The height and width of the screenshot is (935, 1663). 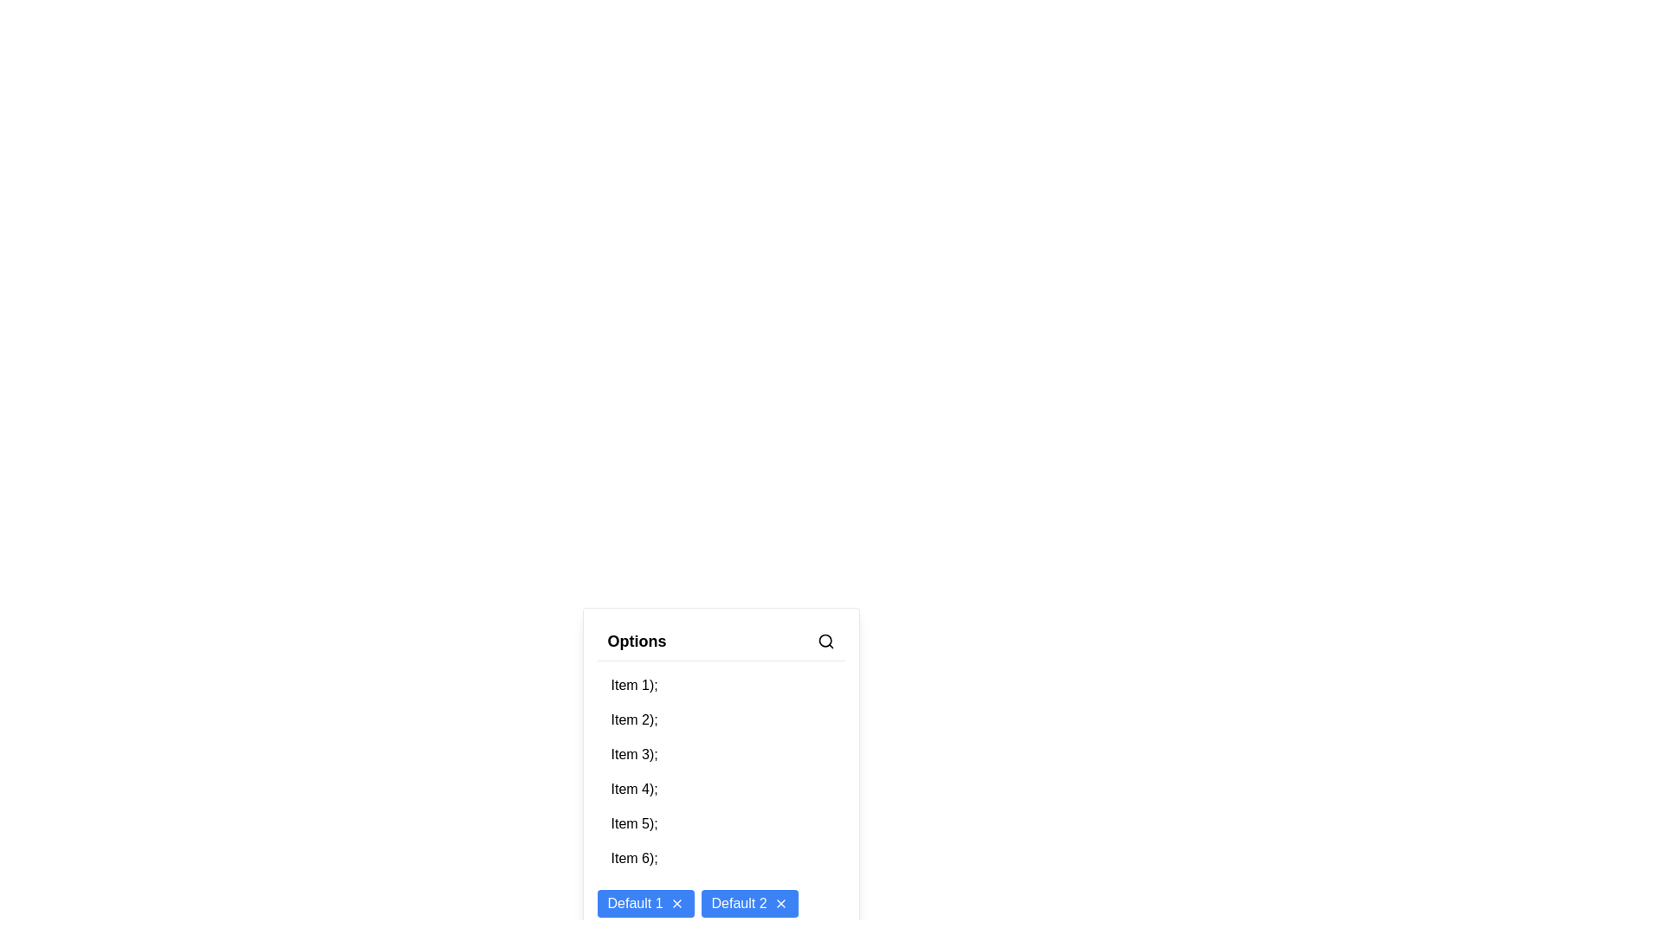 I want to click on the magnifying glass icon located in the top-right corner of the 'Options' section, so click(x=825, y=641).